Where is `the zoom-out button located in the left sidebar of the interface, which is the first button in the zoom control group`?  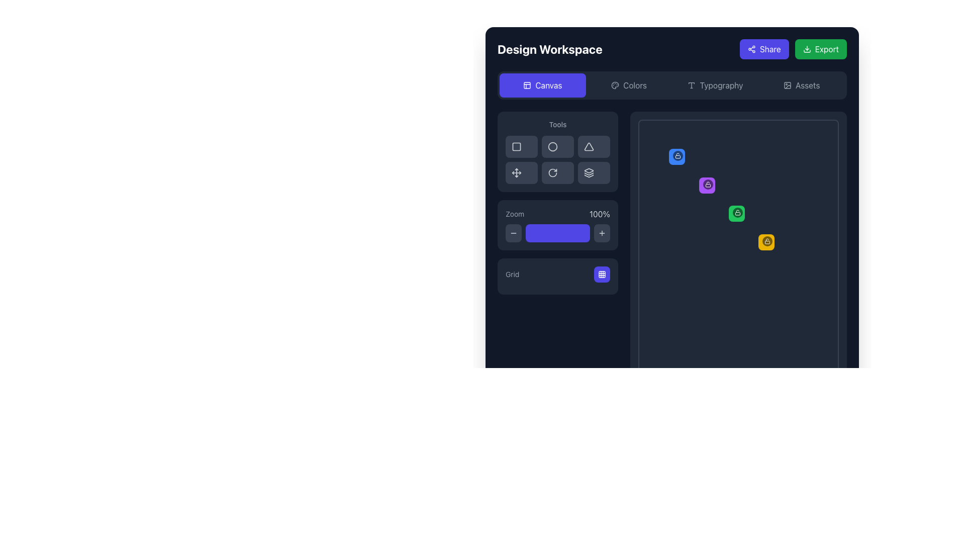 the zoom-out button located in the left sidebar of the interface, which is the first button in the zoom control group is located at coordinates (514, 233).